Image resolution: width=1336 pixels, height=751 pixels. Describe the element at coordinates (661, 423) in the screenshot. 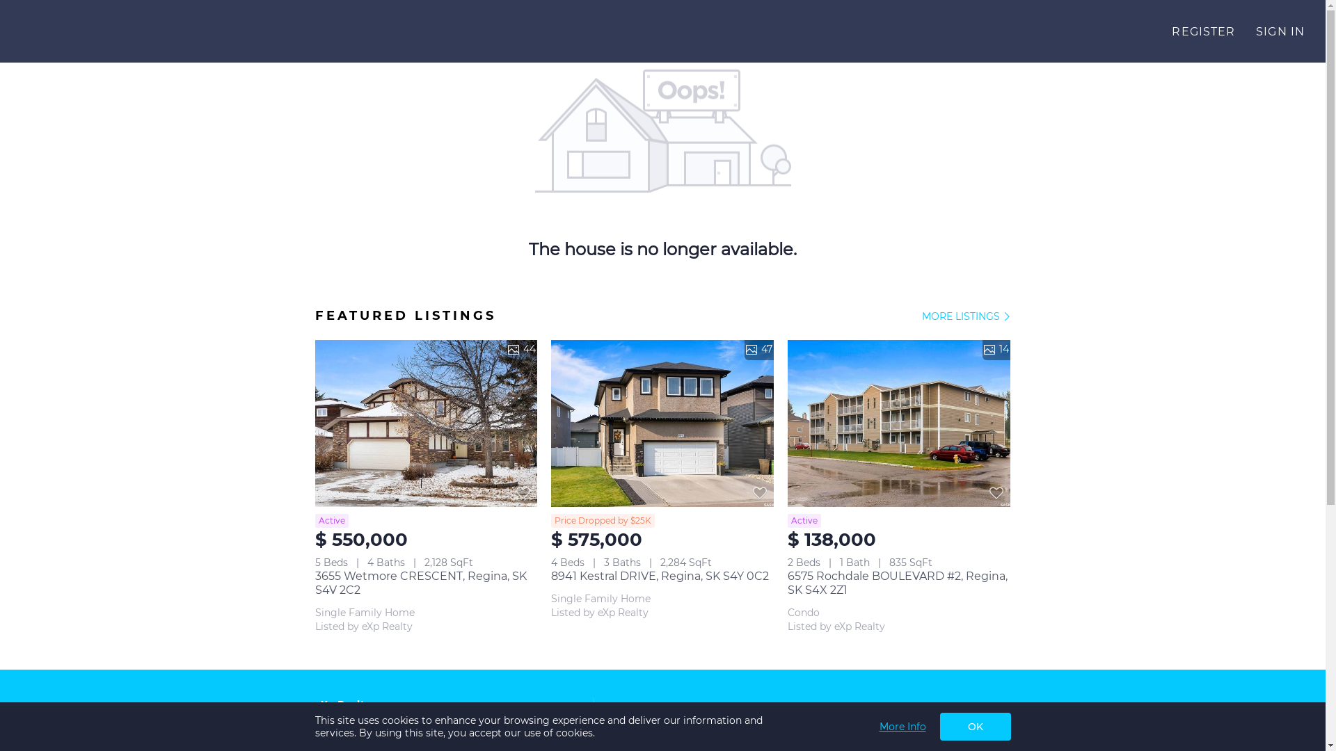

I see `'47'` at that location.